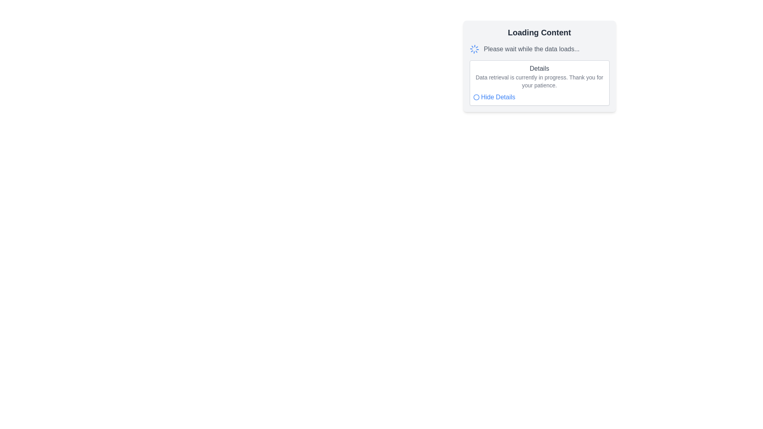 Image resolution: width=763 pixels, height=429 pixels. Describe the element at coordinates (474, 49) in the screenshot. I see `the animated blue loading spinner located within the 'Loading Content' modal, positioned to the left of the message 'Please wait while the data loads...'` at that location.